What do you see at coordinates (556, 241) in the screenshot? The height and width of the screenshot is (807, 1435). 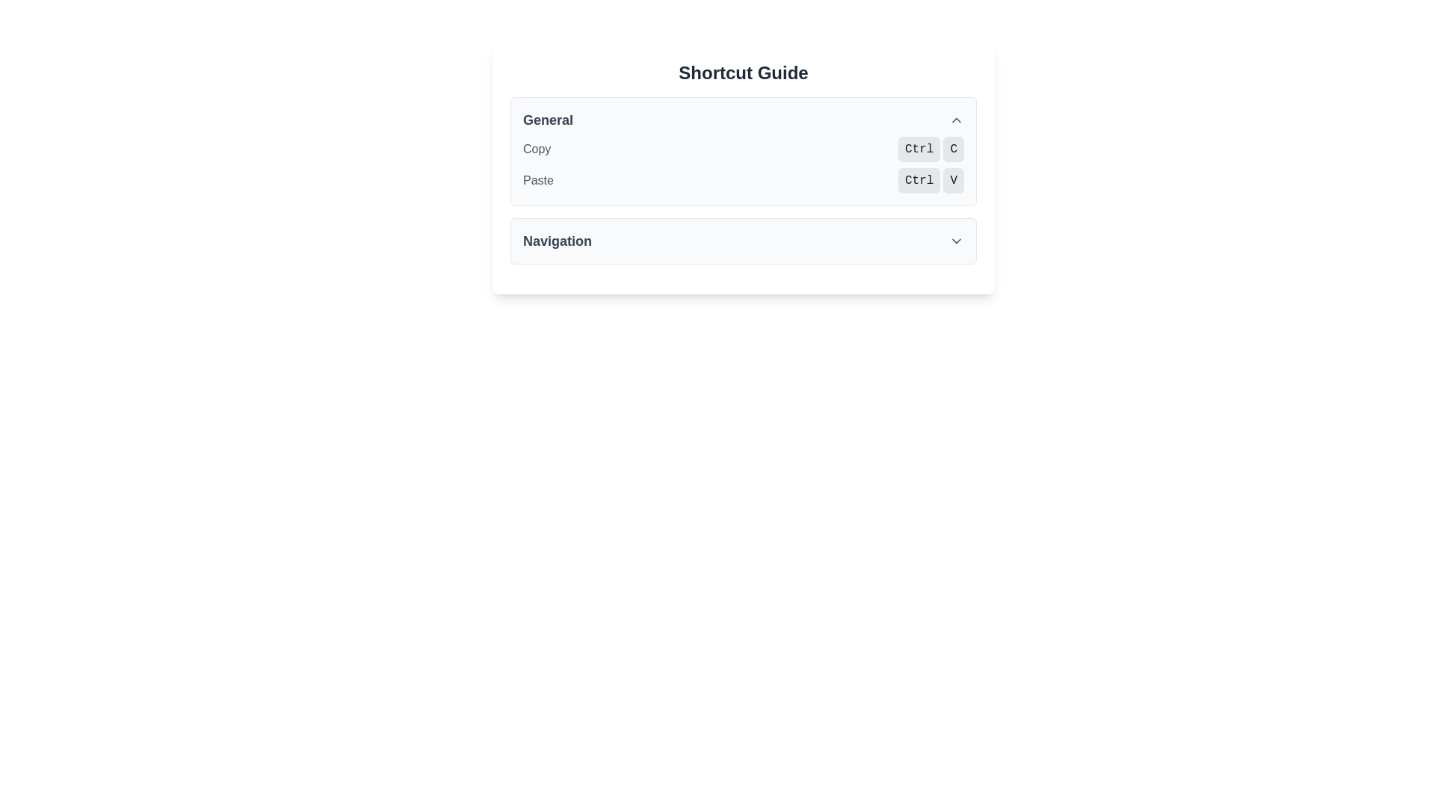 I see `the 'Navigation' text label located at the bottom center of the 'Shortcut Guide' content card` at bounding box center [556, 241].